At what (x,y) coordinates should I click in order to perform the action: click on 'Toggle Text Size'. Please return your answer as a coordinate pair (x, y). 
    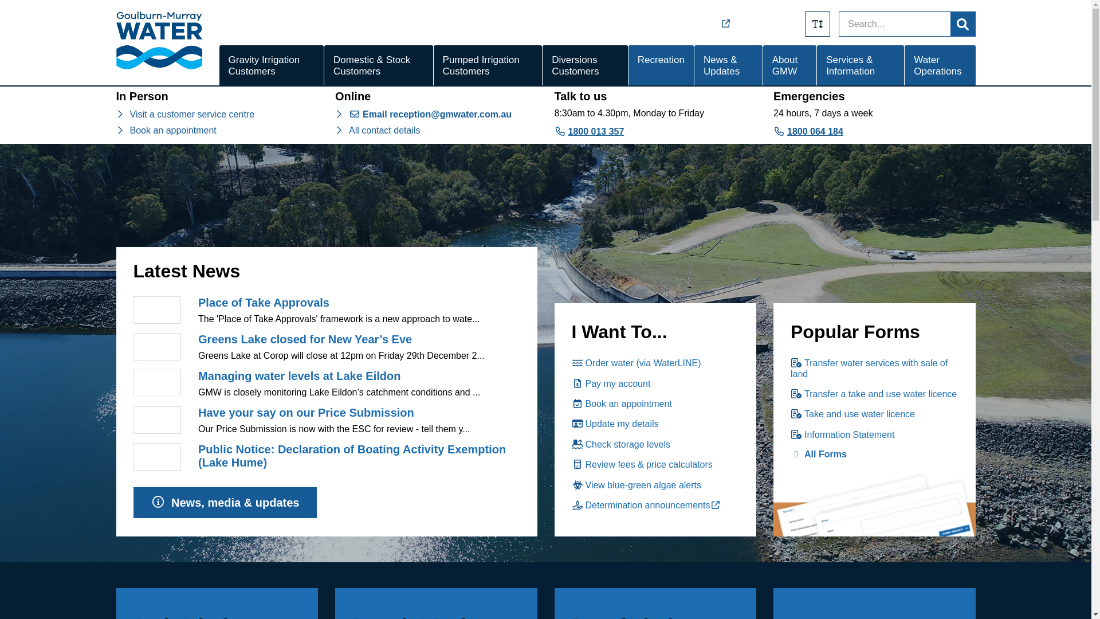
    Looking at the image, I should click on (816, 24).